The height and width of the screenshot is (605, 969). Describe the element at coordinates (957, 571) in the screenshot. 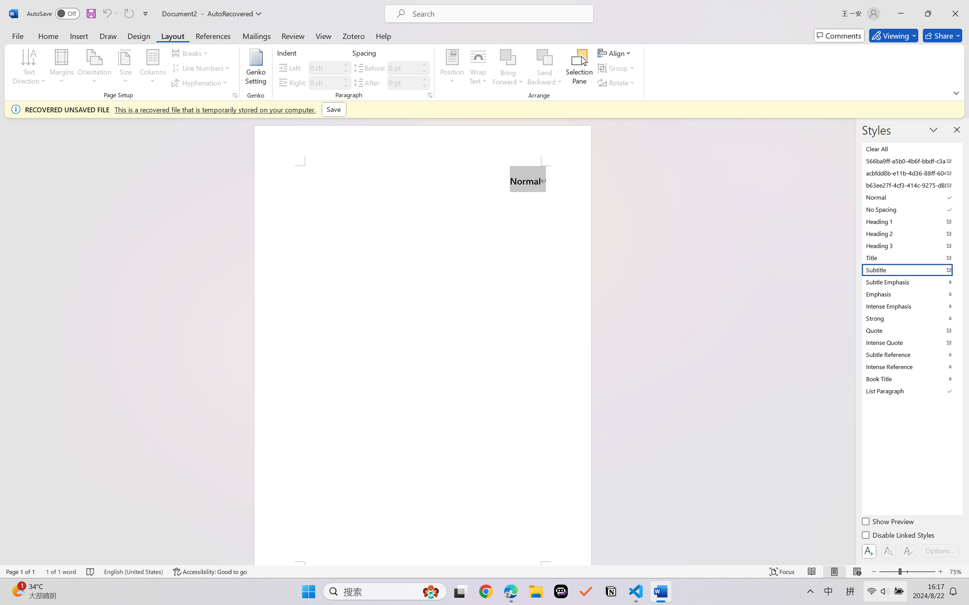

I see `'Zoom 75%'` at that location.